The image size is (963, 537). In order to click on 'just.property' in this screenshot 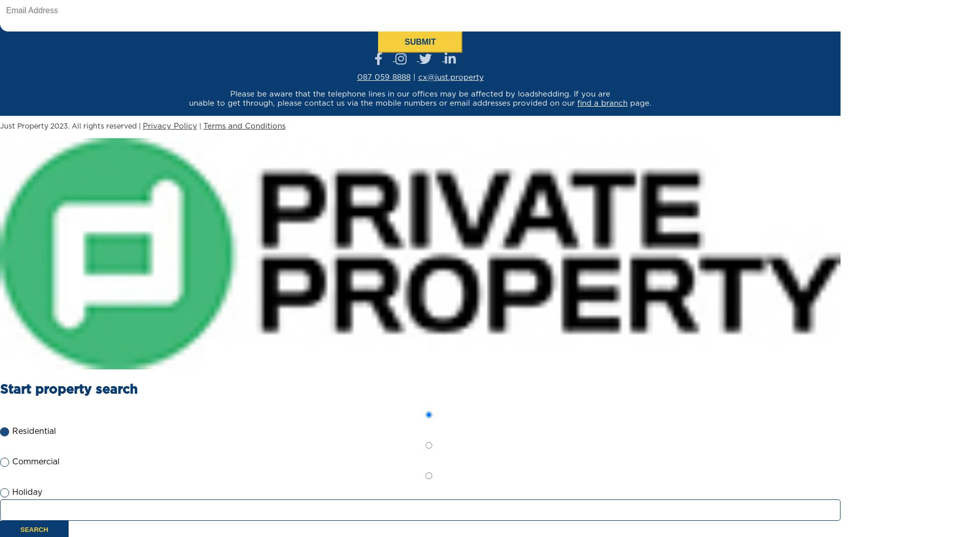, I will do `click(434, 77)`.